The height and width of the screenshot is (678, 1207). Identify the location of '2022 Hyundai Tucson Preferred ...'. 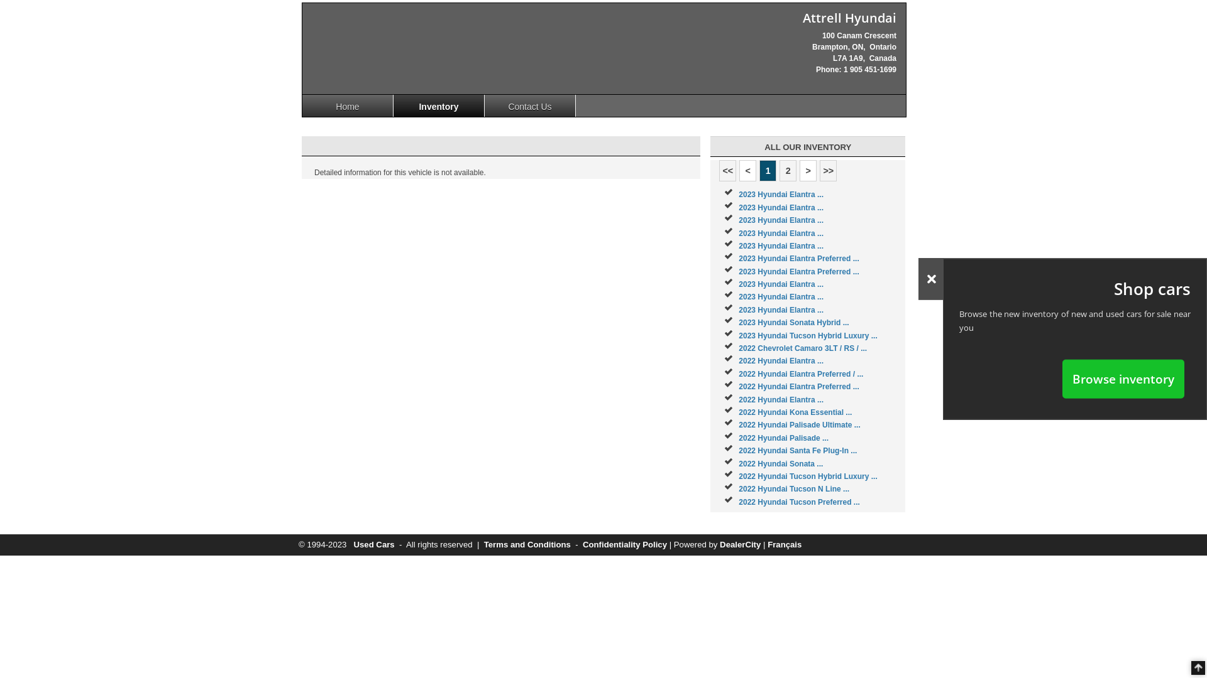
(798, 501).